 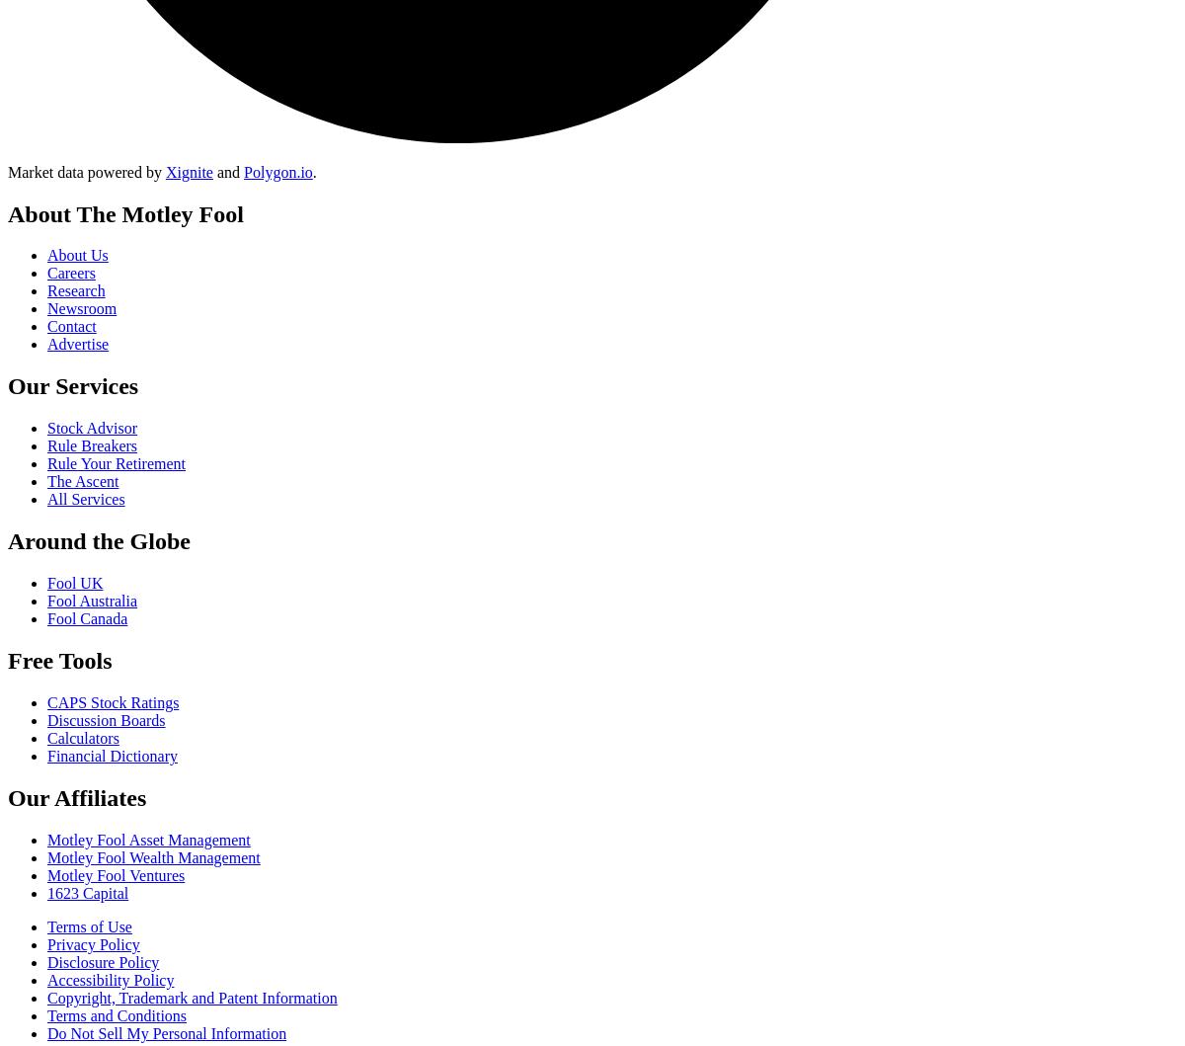 What do you see at coordinates (47, 600) in the screenshot?
I see `'Fool Australia'` at bounding box center [47, 600].